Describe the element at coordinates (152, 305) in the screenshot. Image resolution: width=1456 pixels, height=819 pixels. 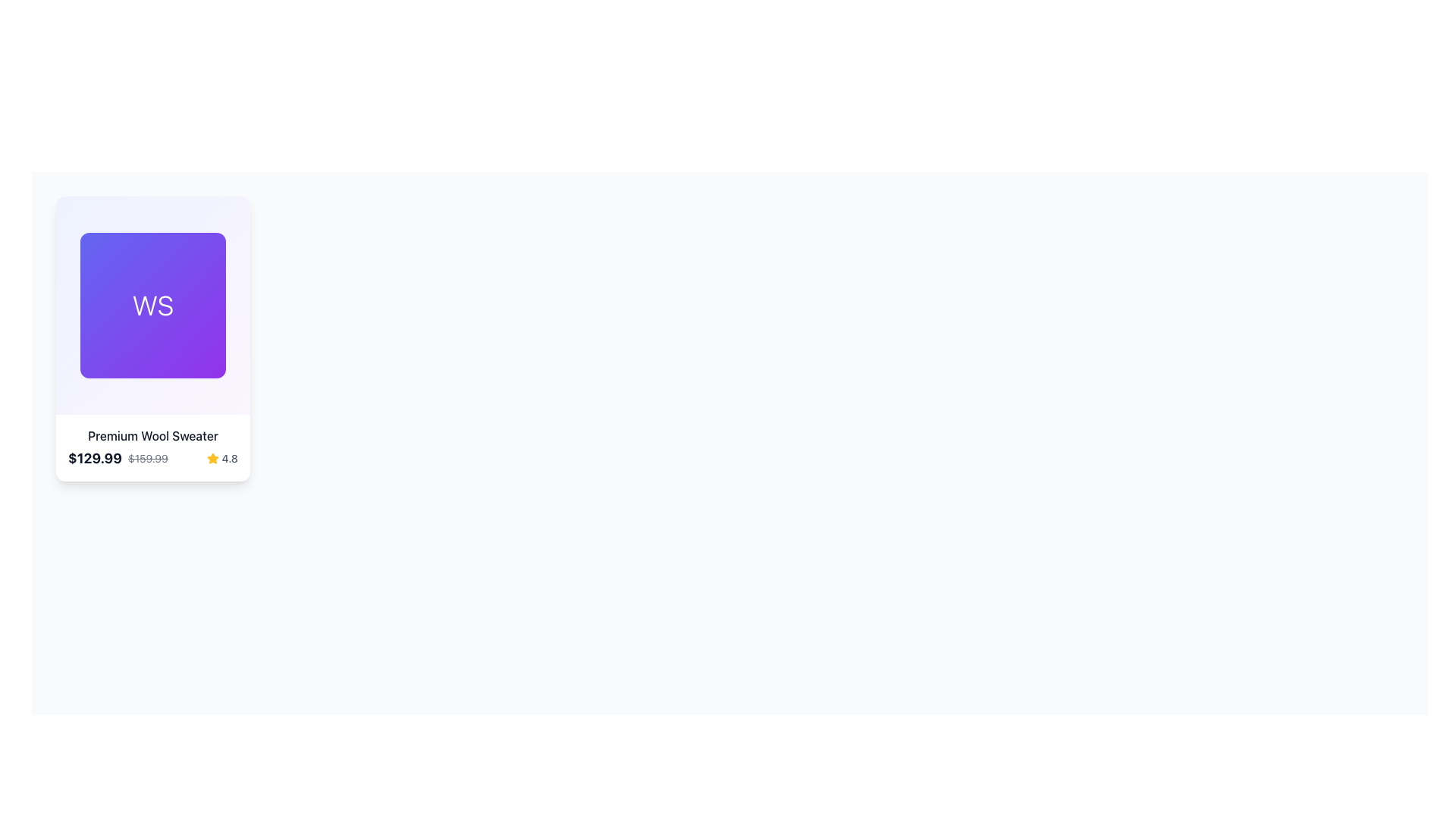
I see `the center of the square card element with a purple gradient background featuring the text 'WS' centered in white, to interact with it` at that location.